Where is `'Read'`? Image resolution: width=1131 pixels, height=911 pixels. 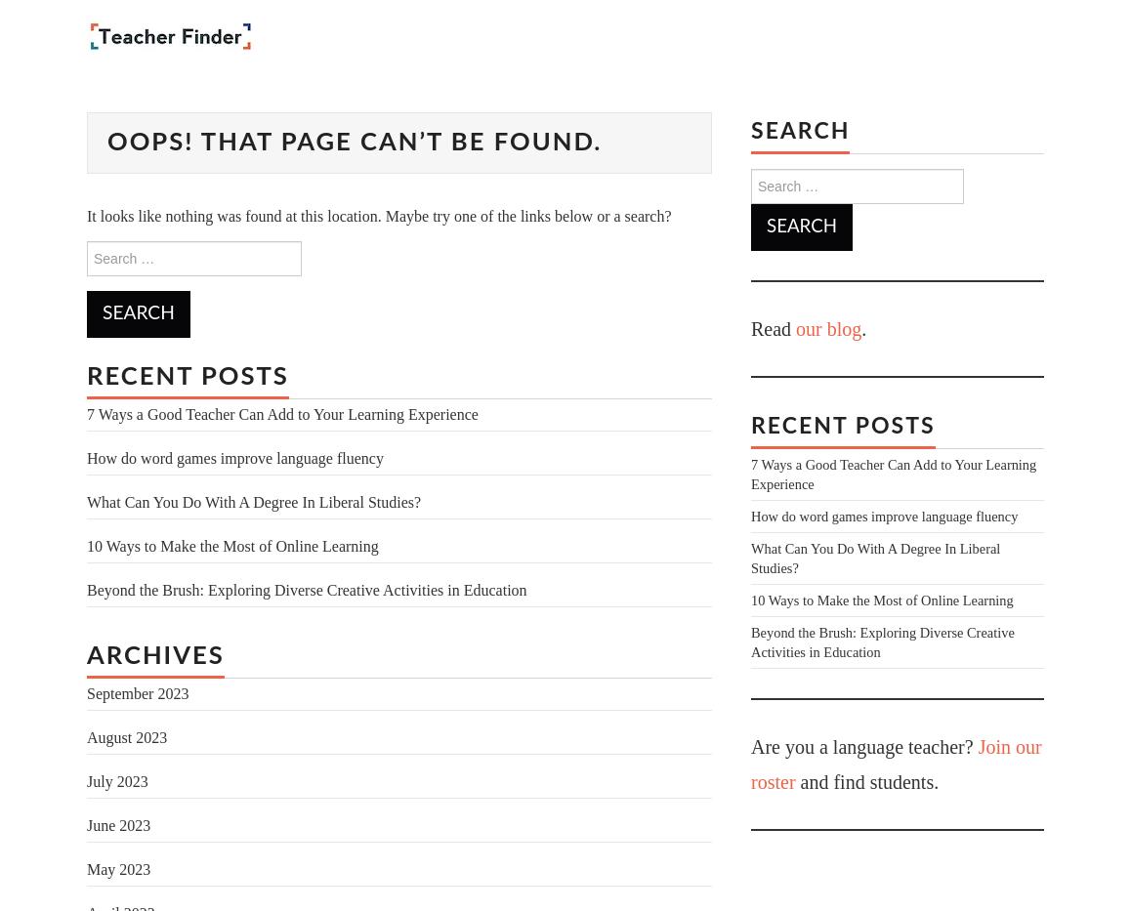 'Read' is located at coordinates (773, 327).